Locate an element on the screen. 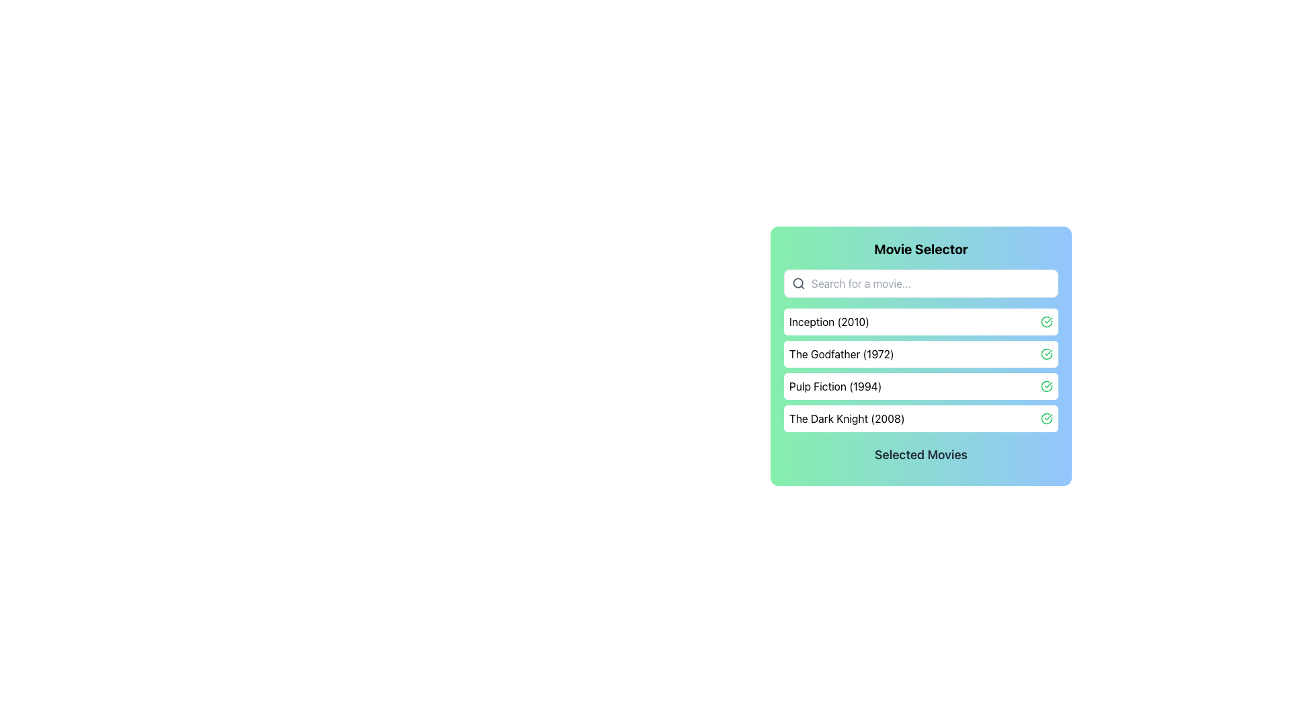 This screenshot has height=726, width=1291. the selectable movie item in the list is located at coordinates (920, 418).